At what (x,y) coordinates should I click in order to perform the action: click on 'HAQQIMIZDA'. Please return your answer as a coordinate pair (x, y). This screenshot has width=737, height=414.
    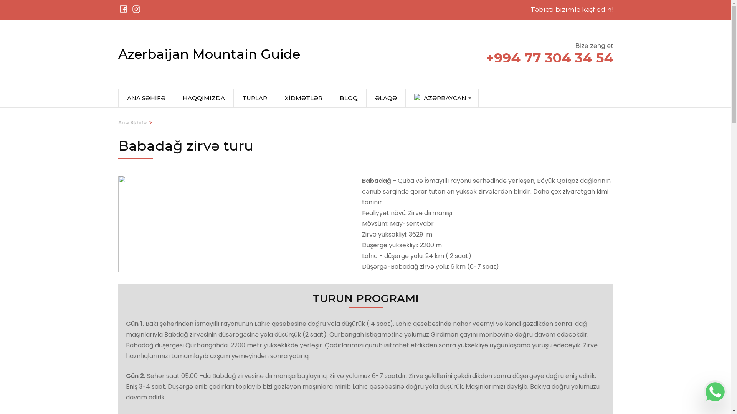
    Looking at the image, I should click on (204, 97).